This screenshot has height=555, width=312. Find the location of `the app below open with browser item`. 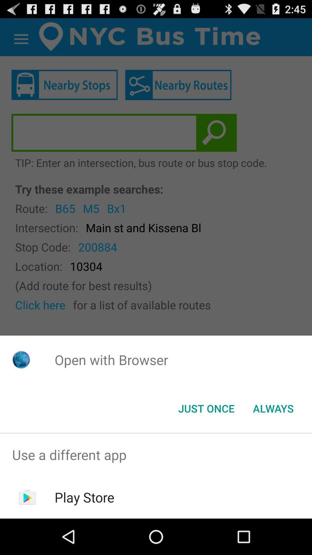

the app below open with browser item is located at coordinates (206, 408).